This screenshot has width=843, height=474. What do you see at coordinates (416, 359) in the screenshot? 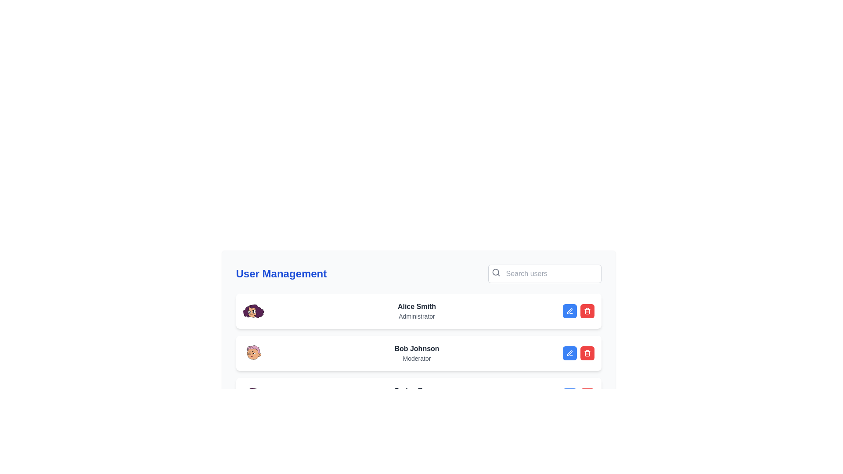
I see `the static text label reading 'Moderator' located directly below the name 'Bob Johnson'` at bounding box center [416, 359].